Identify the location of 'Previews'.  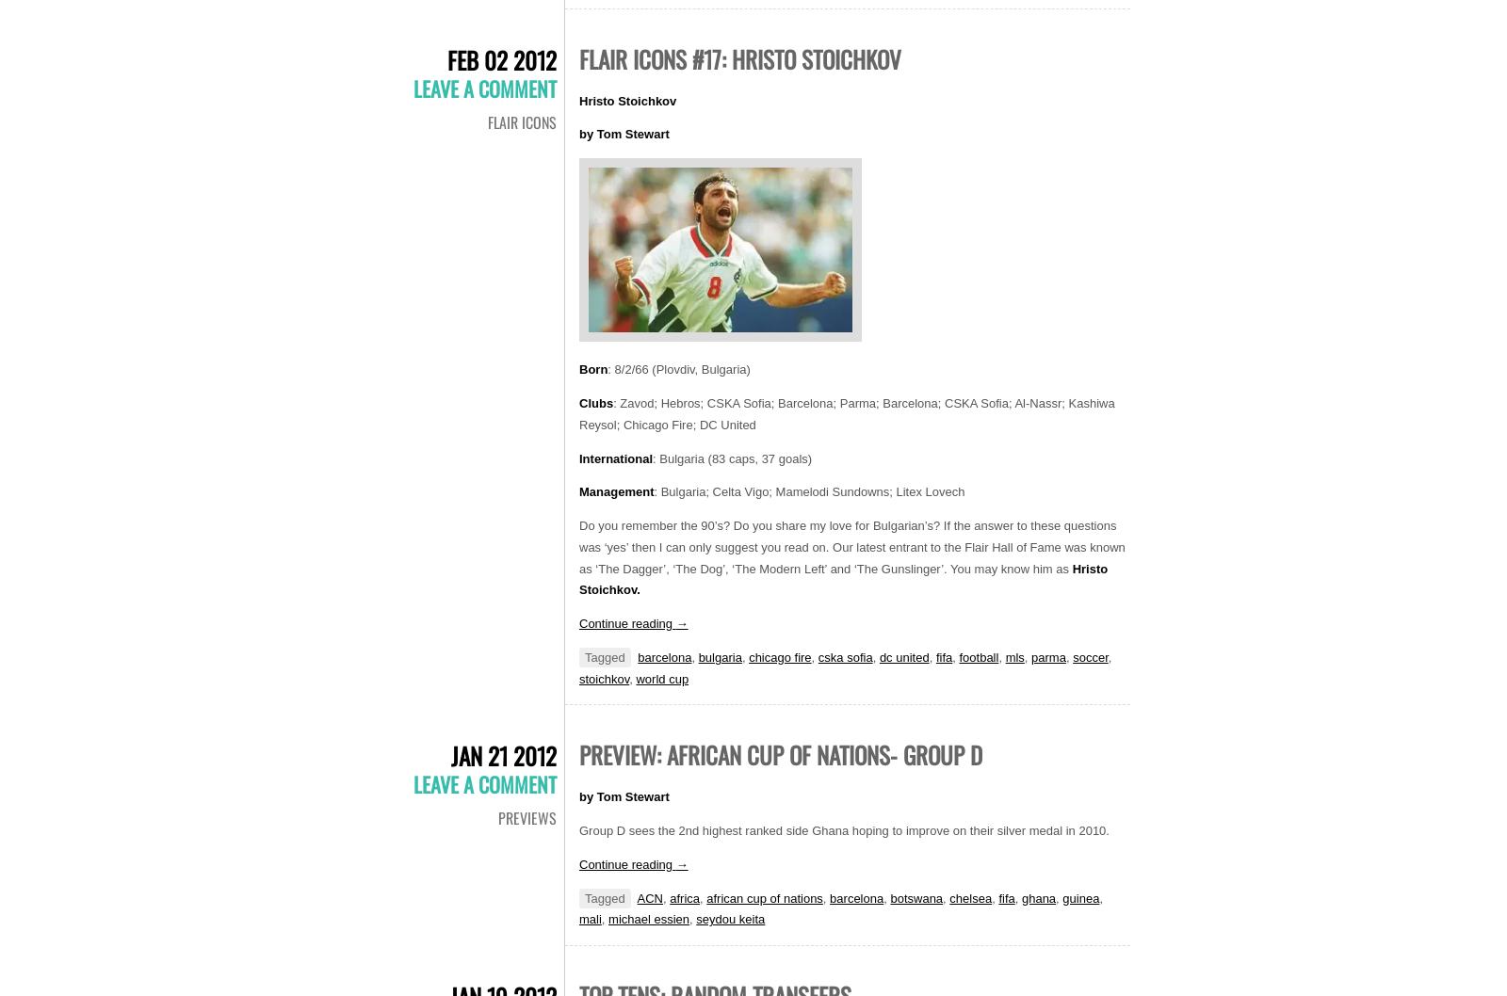
(527, 817).